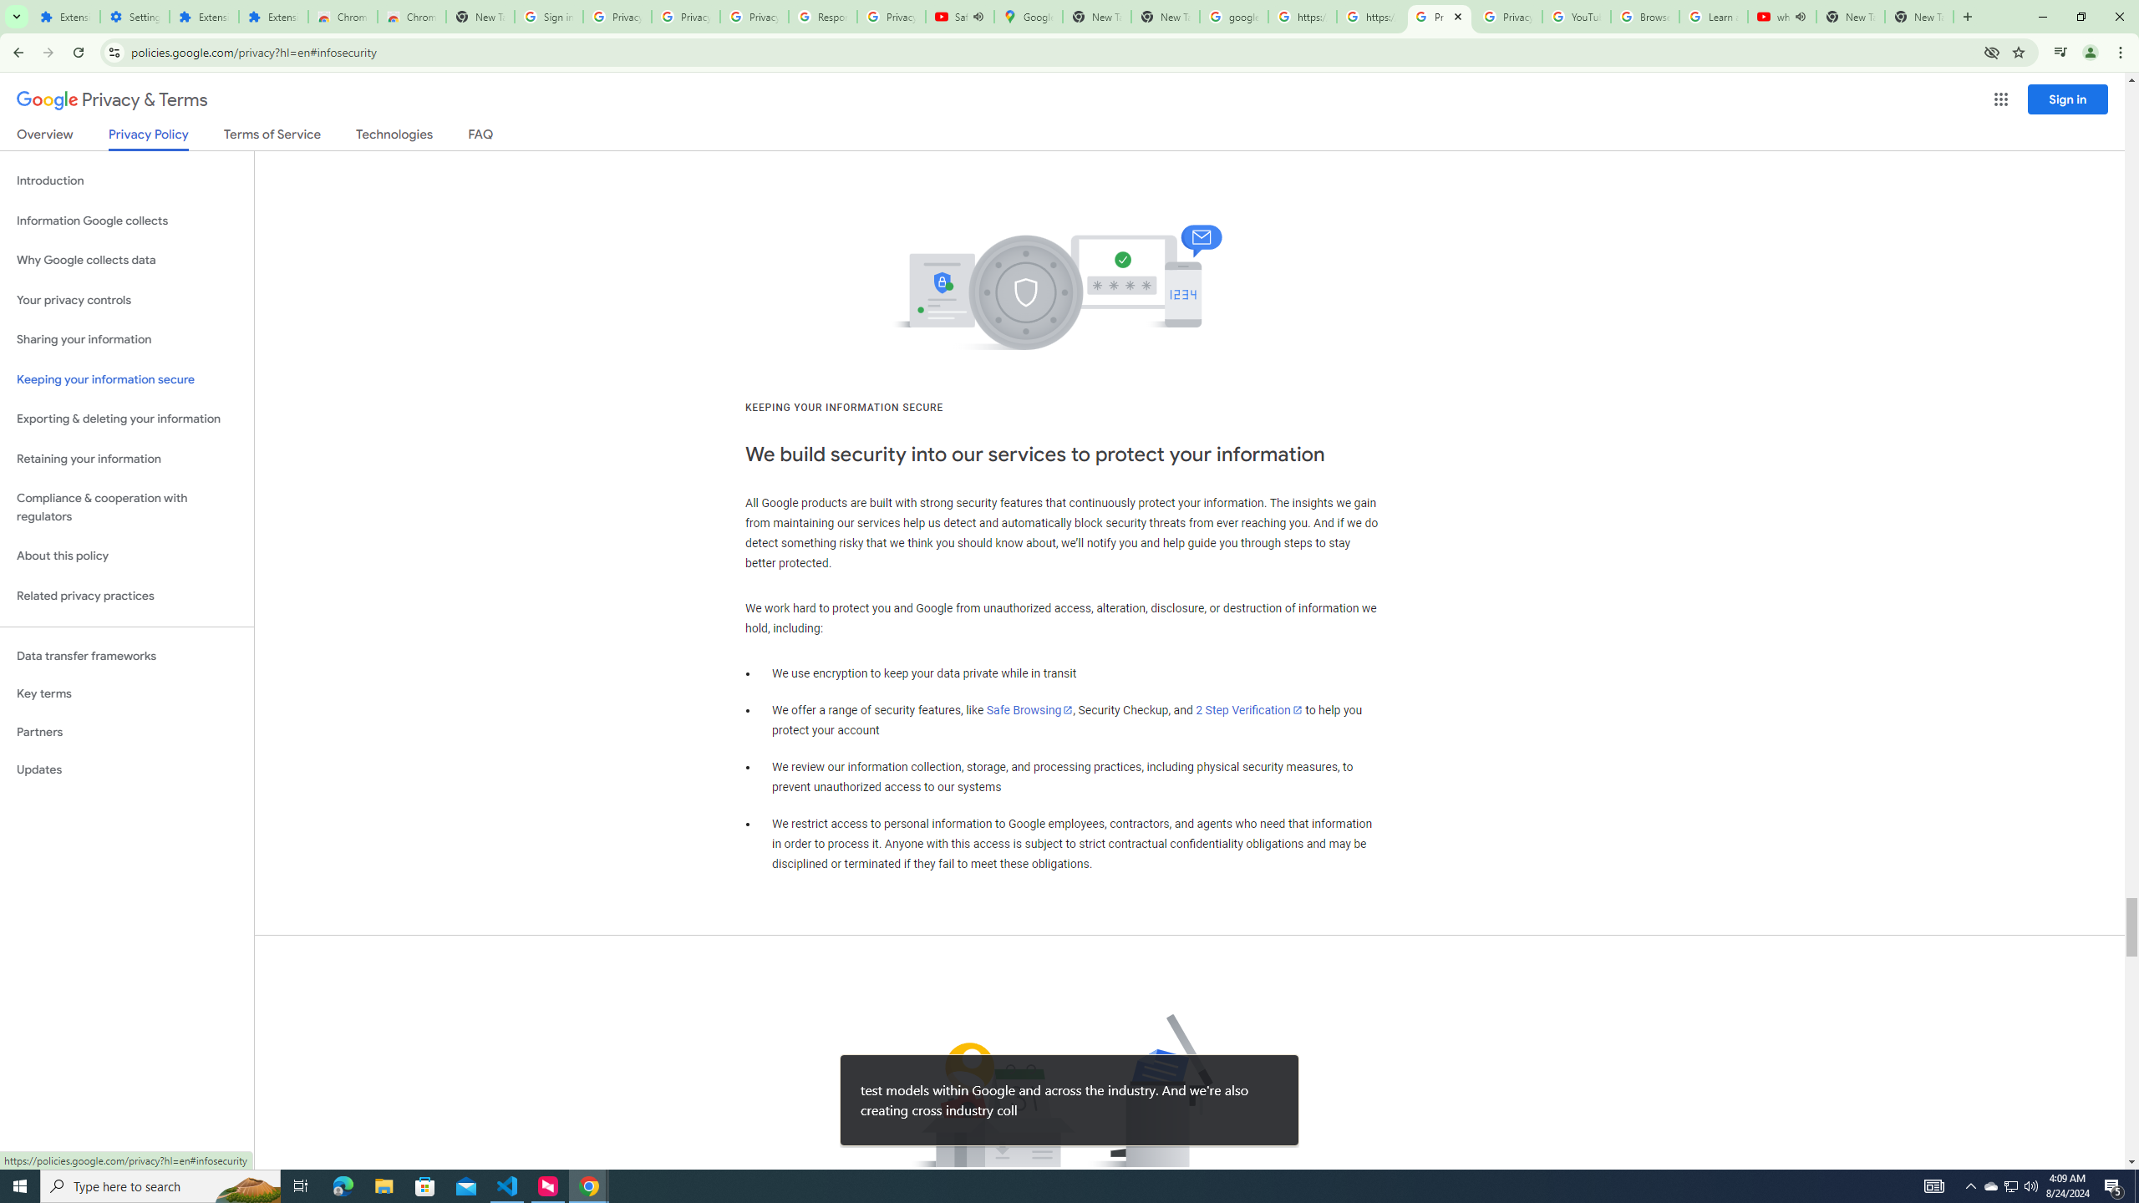 This screenshot has height=1203, width=2139. What do you see at coordinates (1028, 16) in the screenshot?
I see `'Google Maps'` at bounding box center [1028, 16].